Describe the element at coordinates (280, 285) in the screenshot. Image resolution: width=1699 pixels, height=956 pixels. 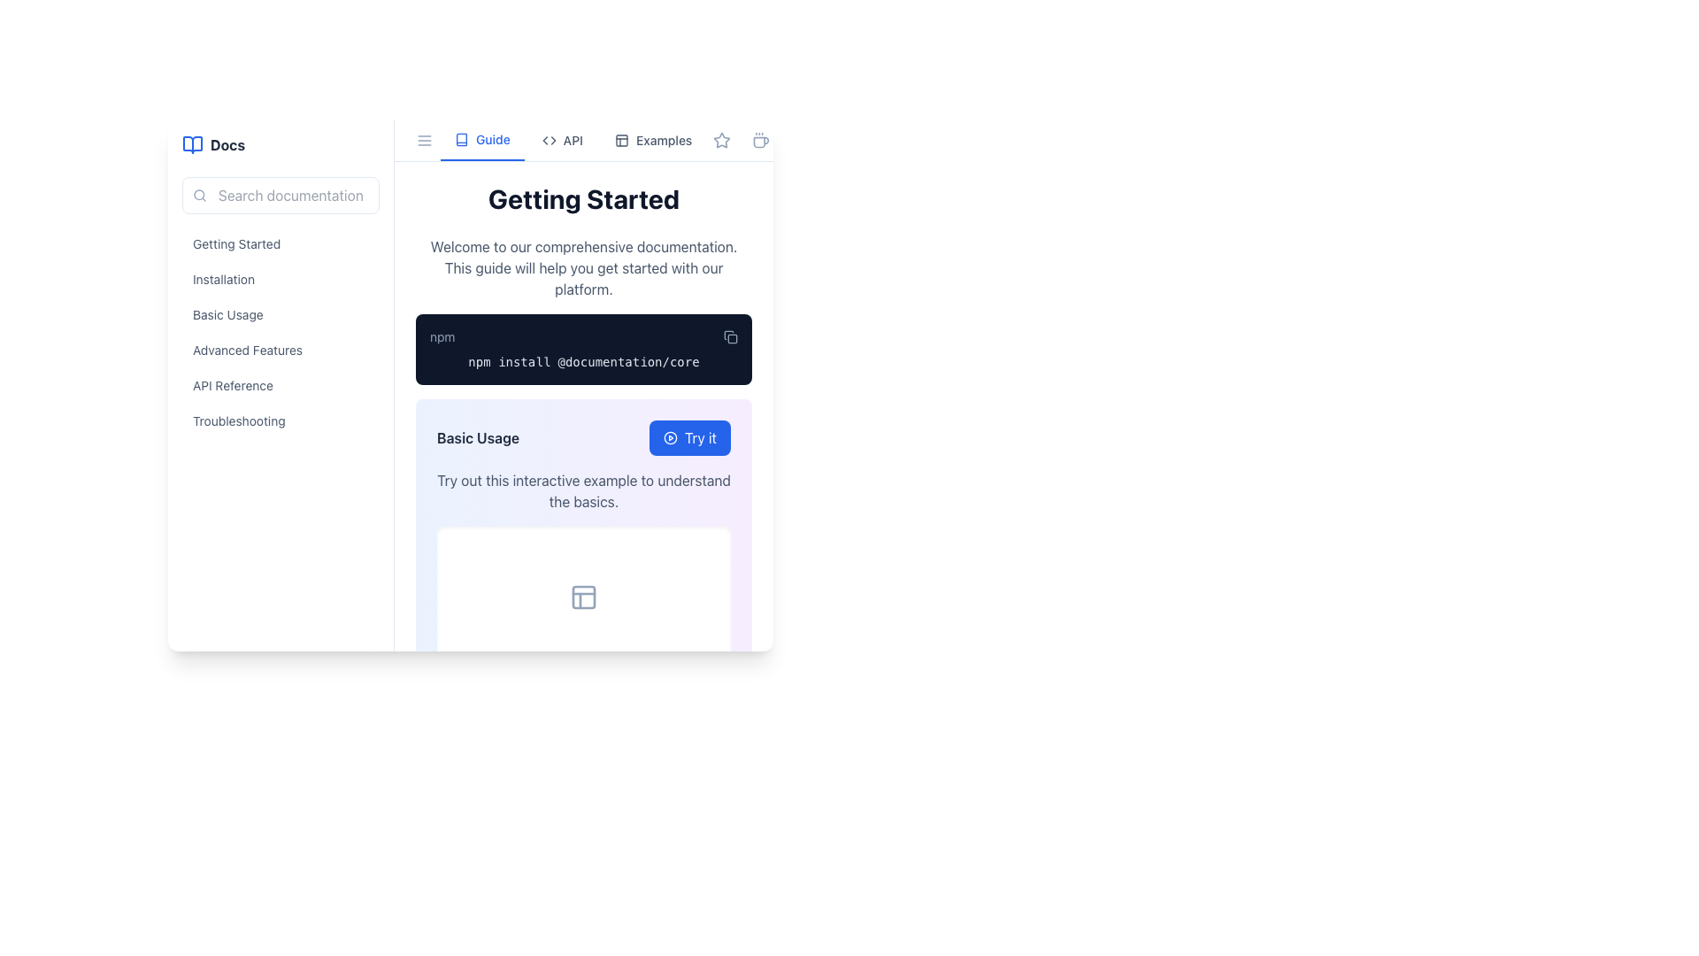
I see `the navigational link for 'Installation' located in the sidebar menu, which is the second item below 'Getting Started'` at that location.